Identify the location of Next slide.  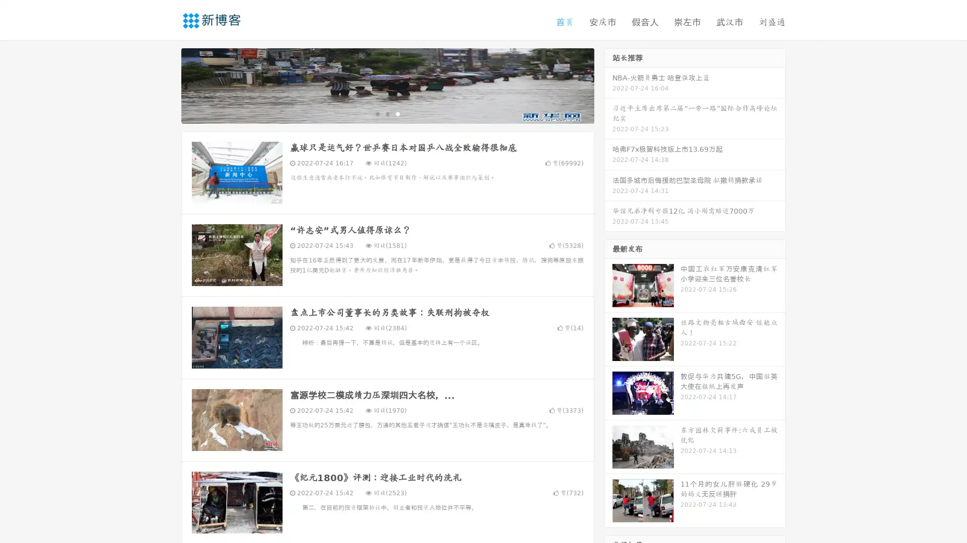
(608, 84).